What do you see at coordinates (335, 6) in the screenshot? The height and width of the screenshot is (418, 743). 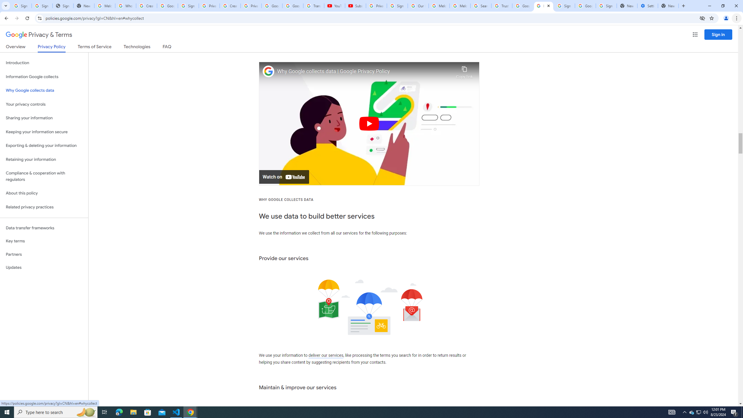 I see `'YouTube'` at bounding box center [335, 6].